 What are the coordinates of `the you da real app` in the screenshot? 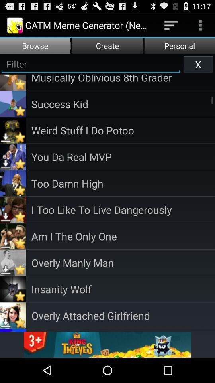 It's located at (123, 156).